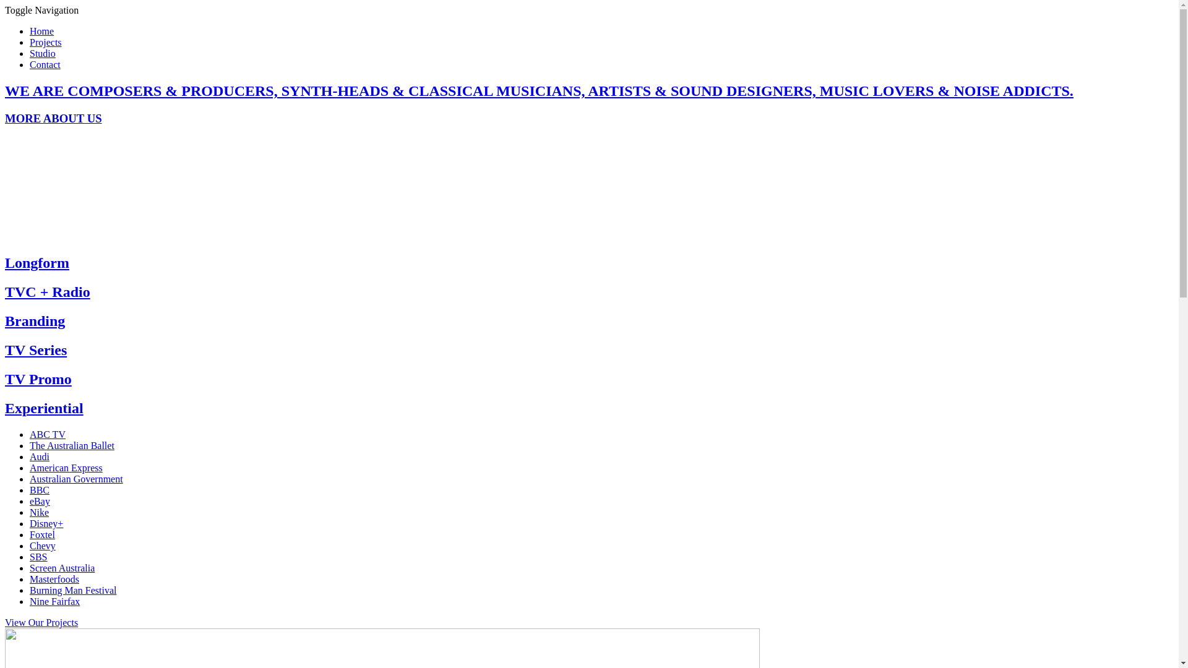 This screenshot has height=668, width=1188. What do you see at coordinates (75, 478) in the screenshot?
I see `'Australian Government'` at bounding box center [75, 478].